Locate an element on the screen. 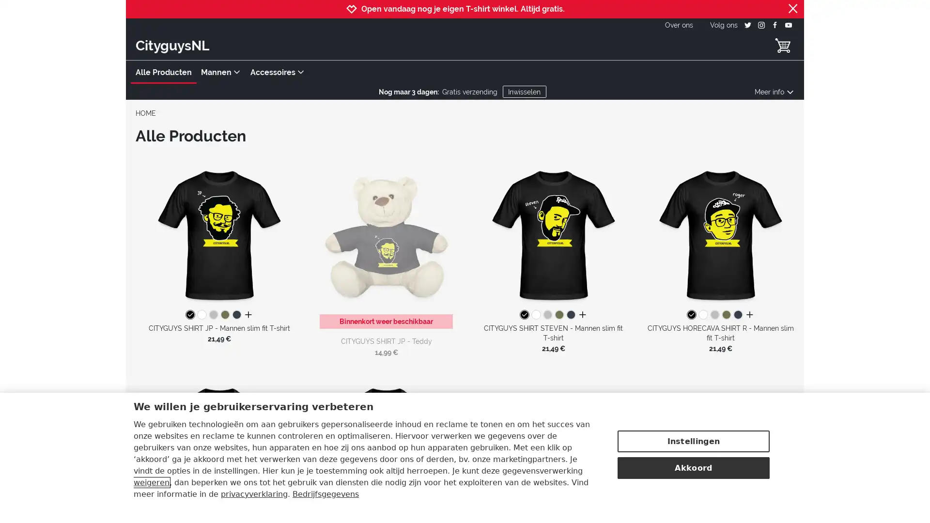  CITYGUYS SHIRT JP - Mannen slim fit T-shirt is located at coordinates (218, 233).